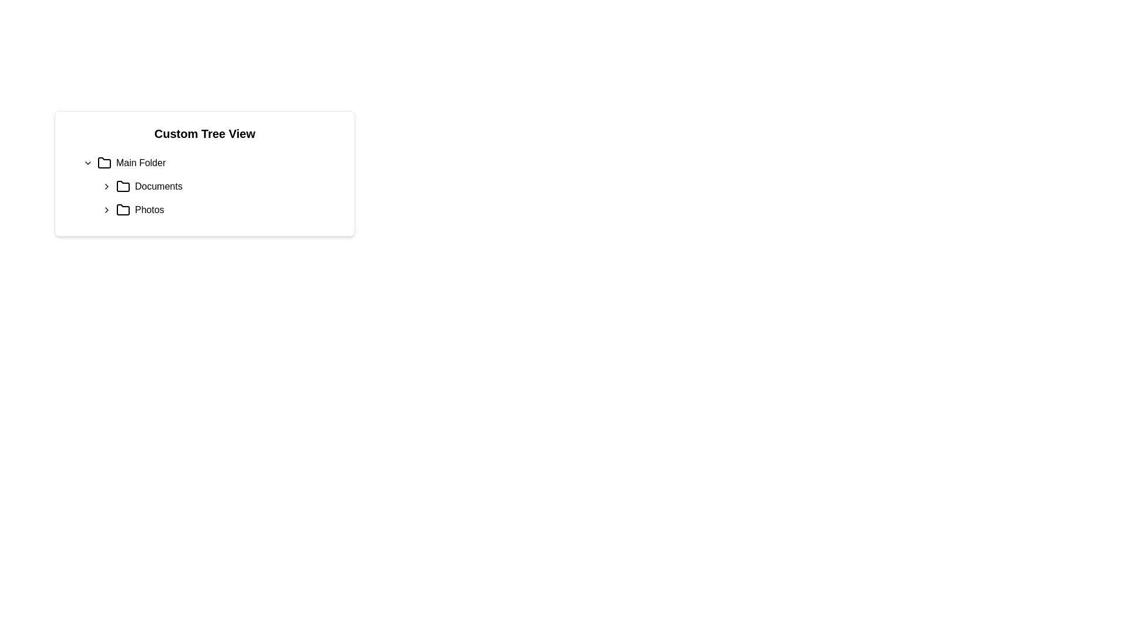  What do you see at coordinates (209, 163) in the screenshot?
I see `the 'Main Folder' Tree view folder item` at bounding box center [209, 163].